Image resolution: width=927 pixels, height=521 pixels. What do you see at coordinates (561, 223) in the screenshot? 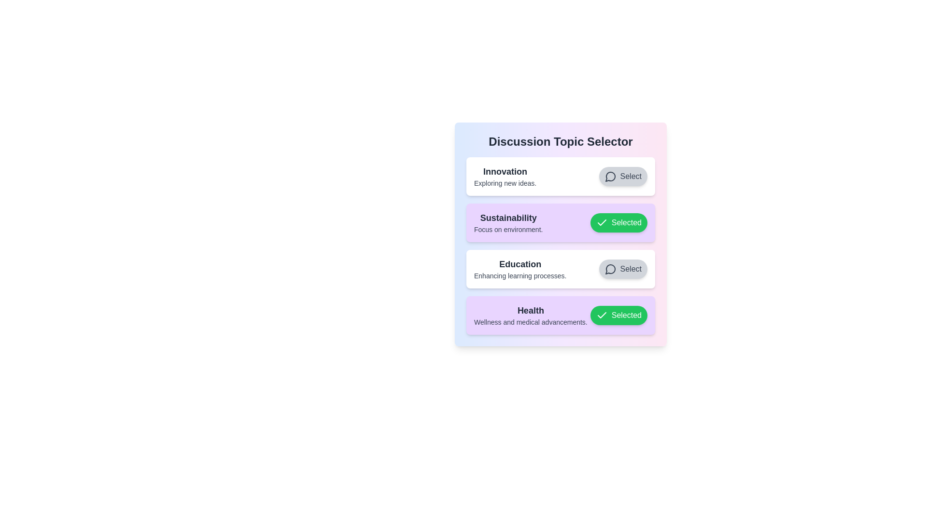
I see `the topic Sustainability to trigger the scaling effect` at bounding box center [561, 223].